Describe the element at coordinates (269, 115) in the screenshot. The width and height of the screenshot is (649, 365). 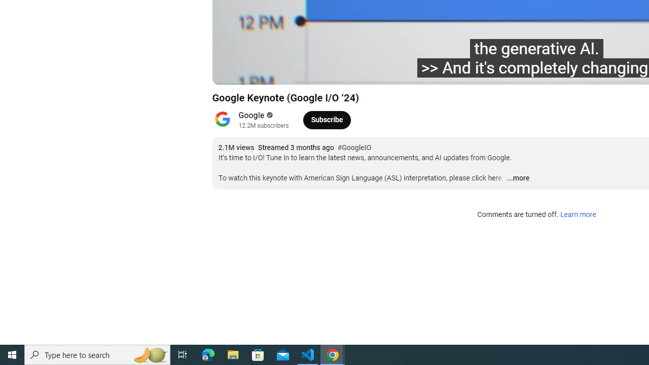
I see `'Verified'` at that location.